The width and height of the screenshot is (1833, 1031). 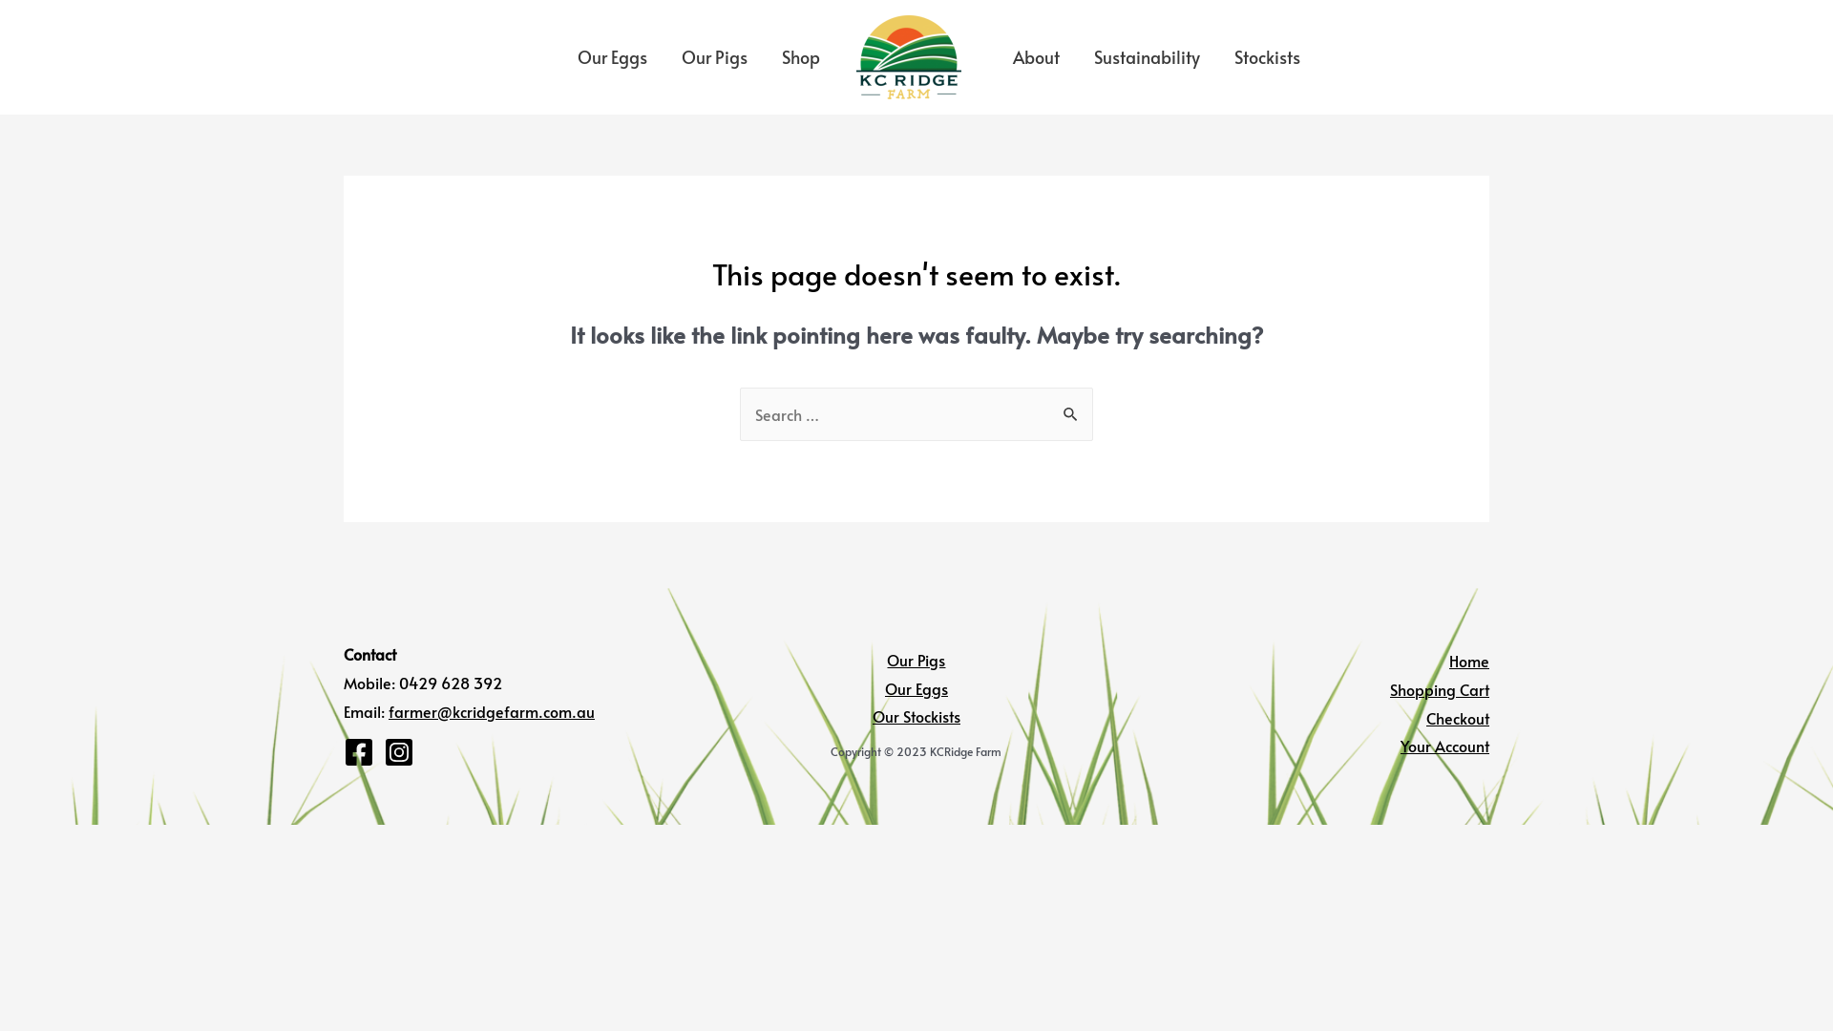 What do you see at coordinates (1456, 718) in the screenshot?
I see `'Checkout'` at bounding box center [1456, 718].